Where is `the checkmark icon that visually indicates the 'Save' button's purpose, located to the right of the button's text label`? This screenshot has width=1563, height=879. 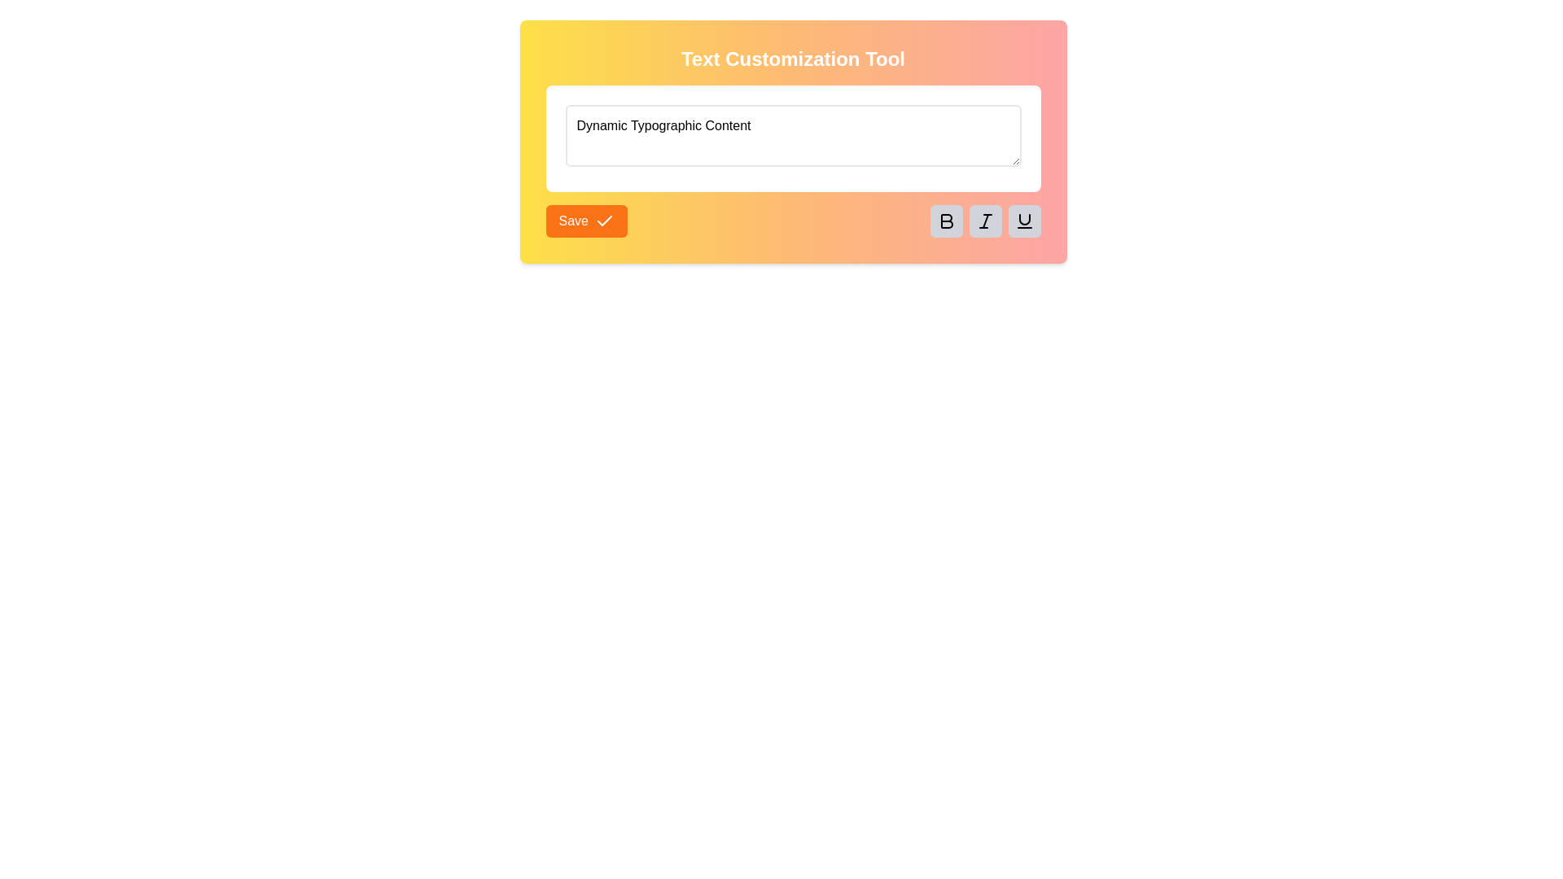
the checkmark icon that visually indicates the 'Save' button's purpose, located to the right of the button's text label is located at coordinates (604, 221).